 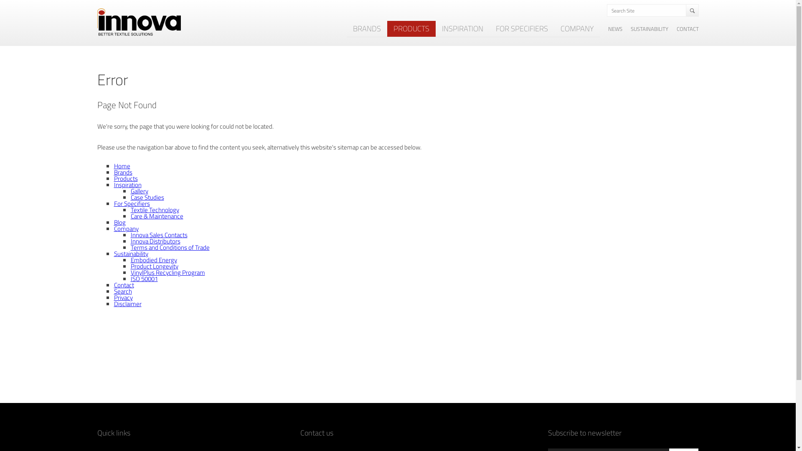 What do you see at coordinates (113, 228) in the screenshot?
I see `'Company'` at bounding box center [113, 228].